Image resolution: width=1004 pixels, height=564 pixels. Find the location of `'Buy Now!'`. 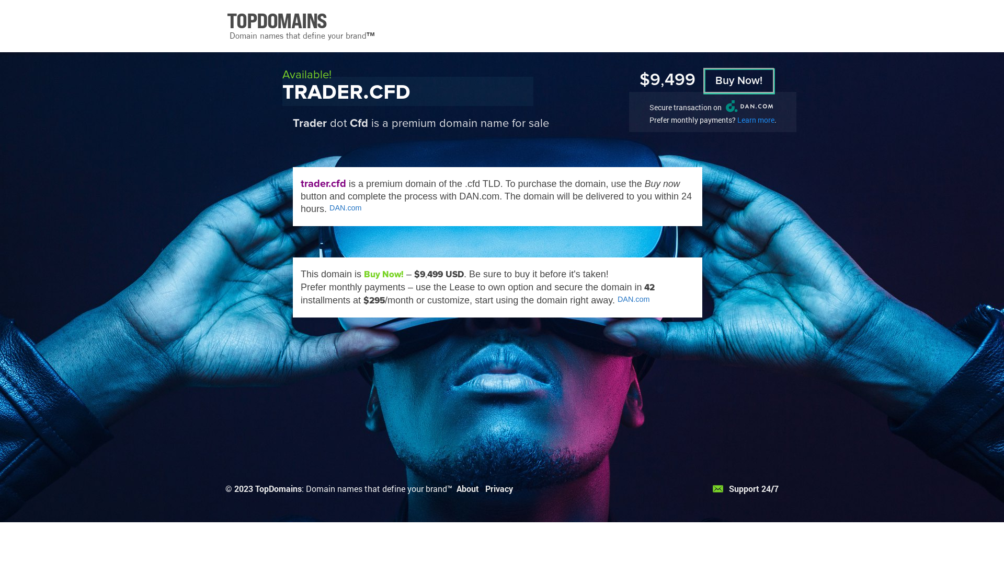

'Buy Now!' is located at coordinates (738, 80).